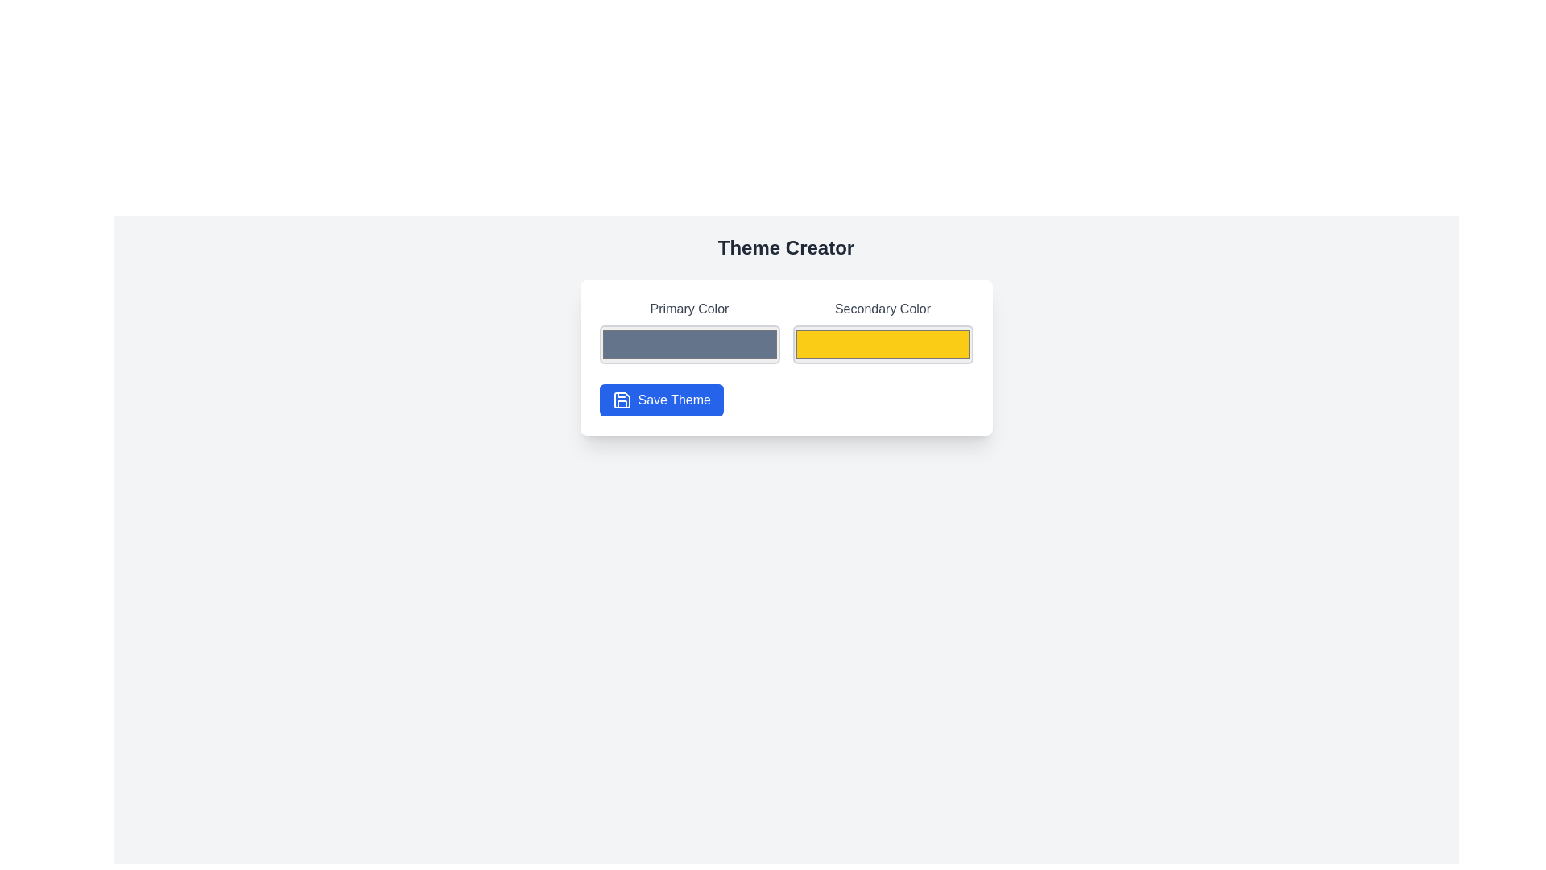  What do you see at coordinates (882, 309) in the screenshot?
I see `the Text Label that describes the purpose of the color selection field in the 'Theme Creator' section, positioned center-right, adjacent to the 'Primary Color' label` at bounding box center [882, 309].